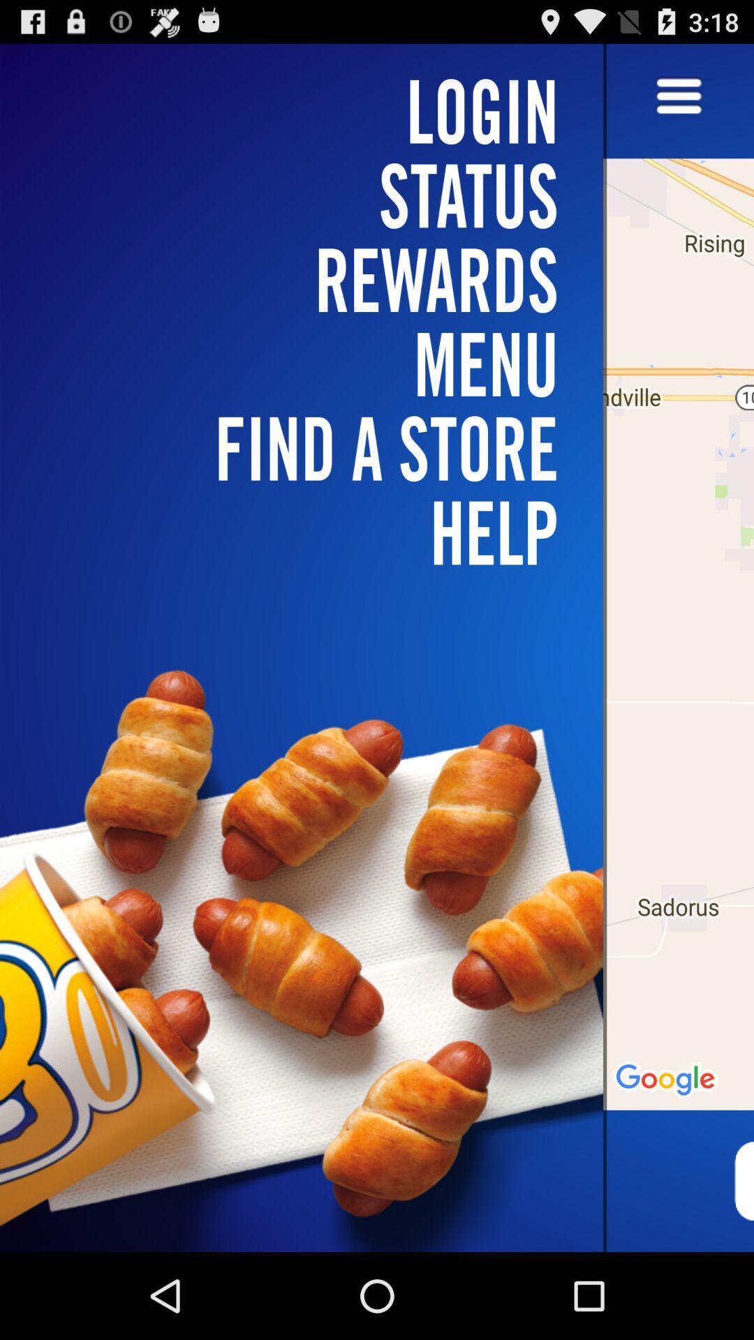 This screenshot has width=754, height=1340. What do you see at coordinates (309, 195) in the screenshot?
I see `the status icon` at bounding box center [309, 195].